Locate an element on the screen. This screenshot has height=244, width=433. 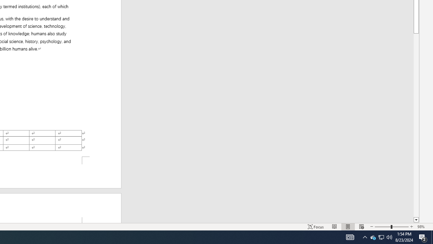
'Line down' is located at coordinates (416, 220).